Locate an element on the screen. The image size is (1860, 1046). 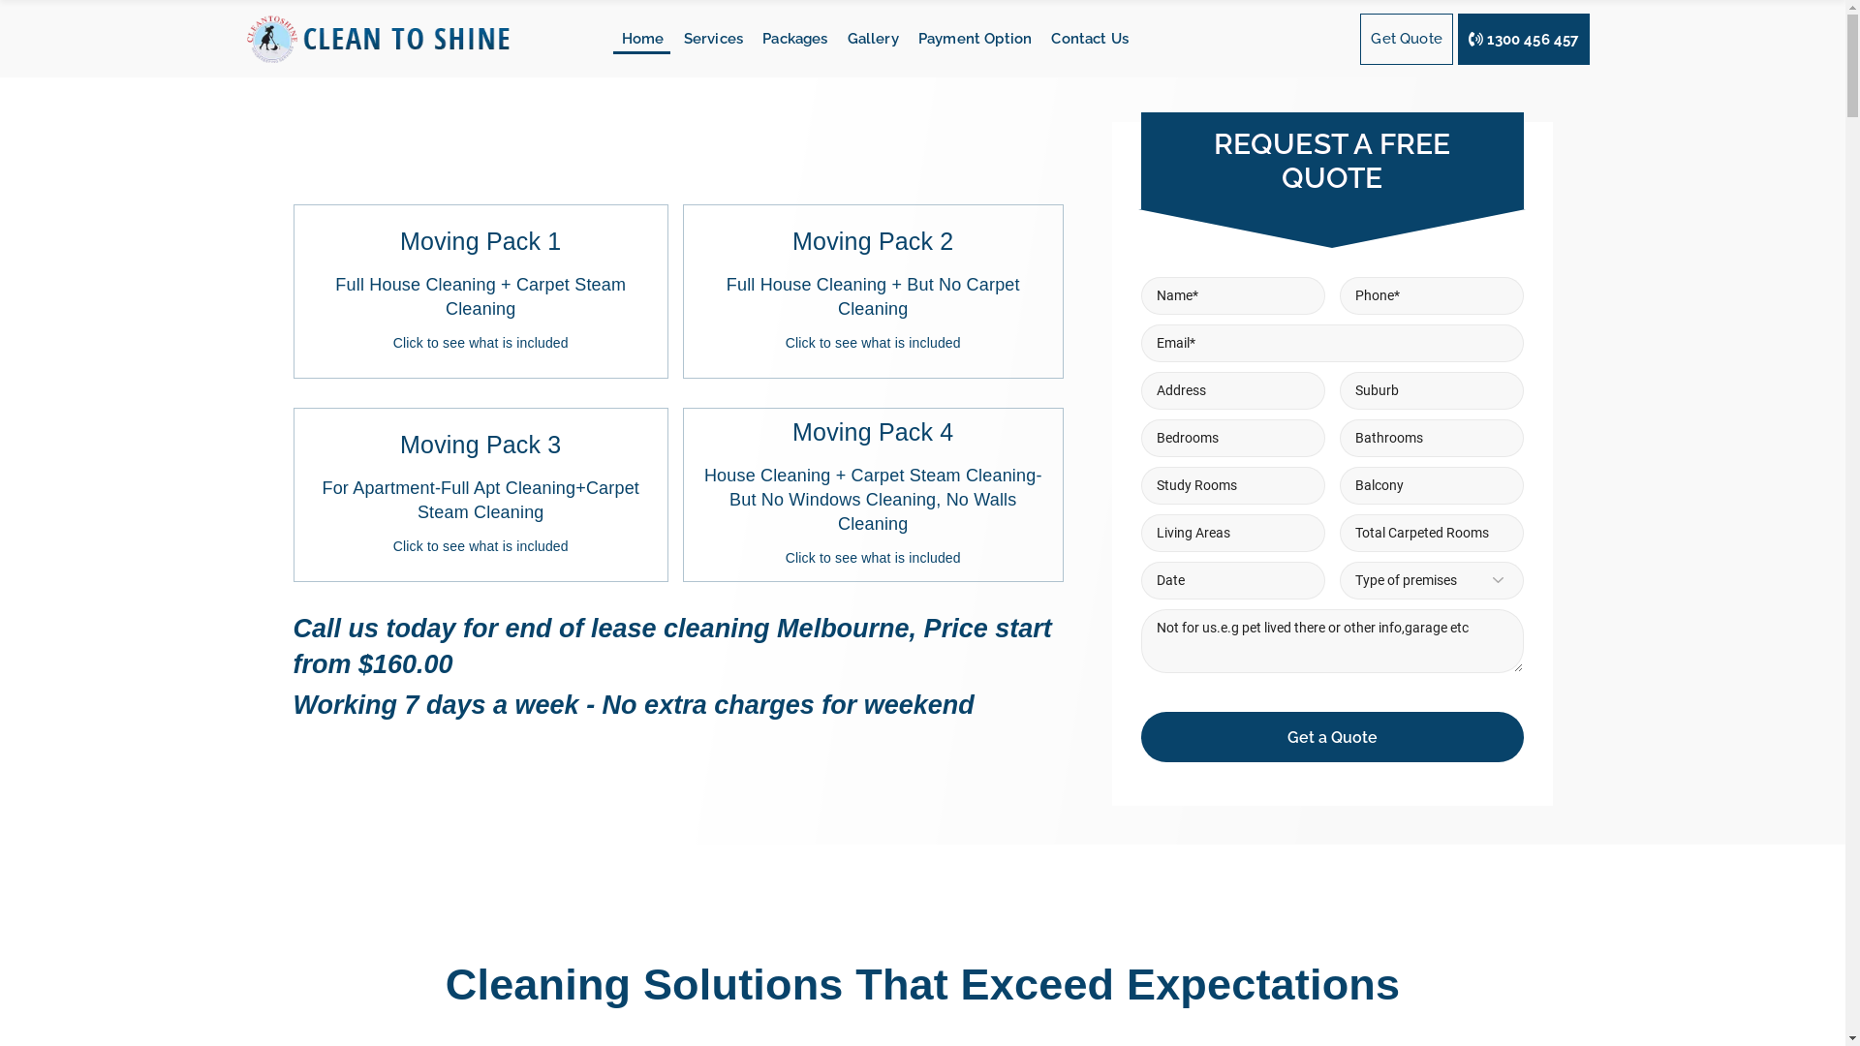
'Packages' is located at coordinates (787, 38).